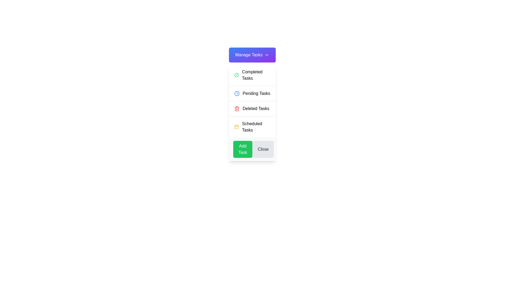 This screenshot has height=287, width=510. I want to click on properties of the clock icon representing the 'Pending Tasks' menu option, which is located to the left of the second item in the 'Manage Tasks' dropdown, so click(236, 93).